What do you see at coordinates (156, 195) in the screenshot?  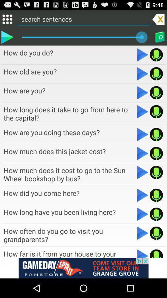 I see `the mic icon on the eight row` at bounding box center [156, 195].